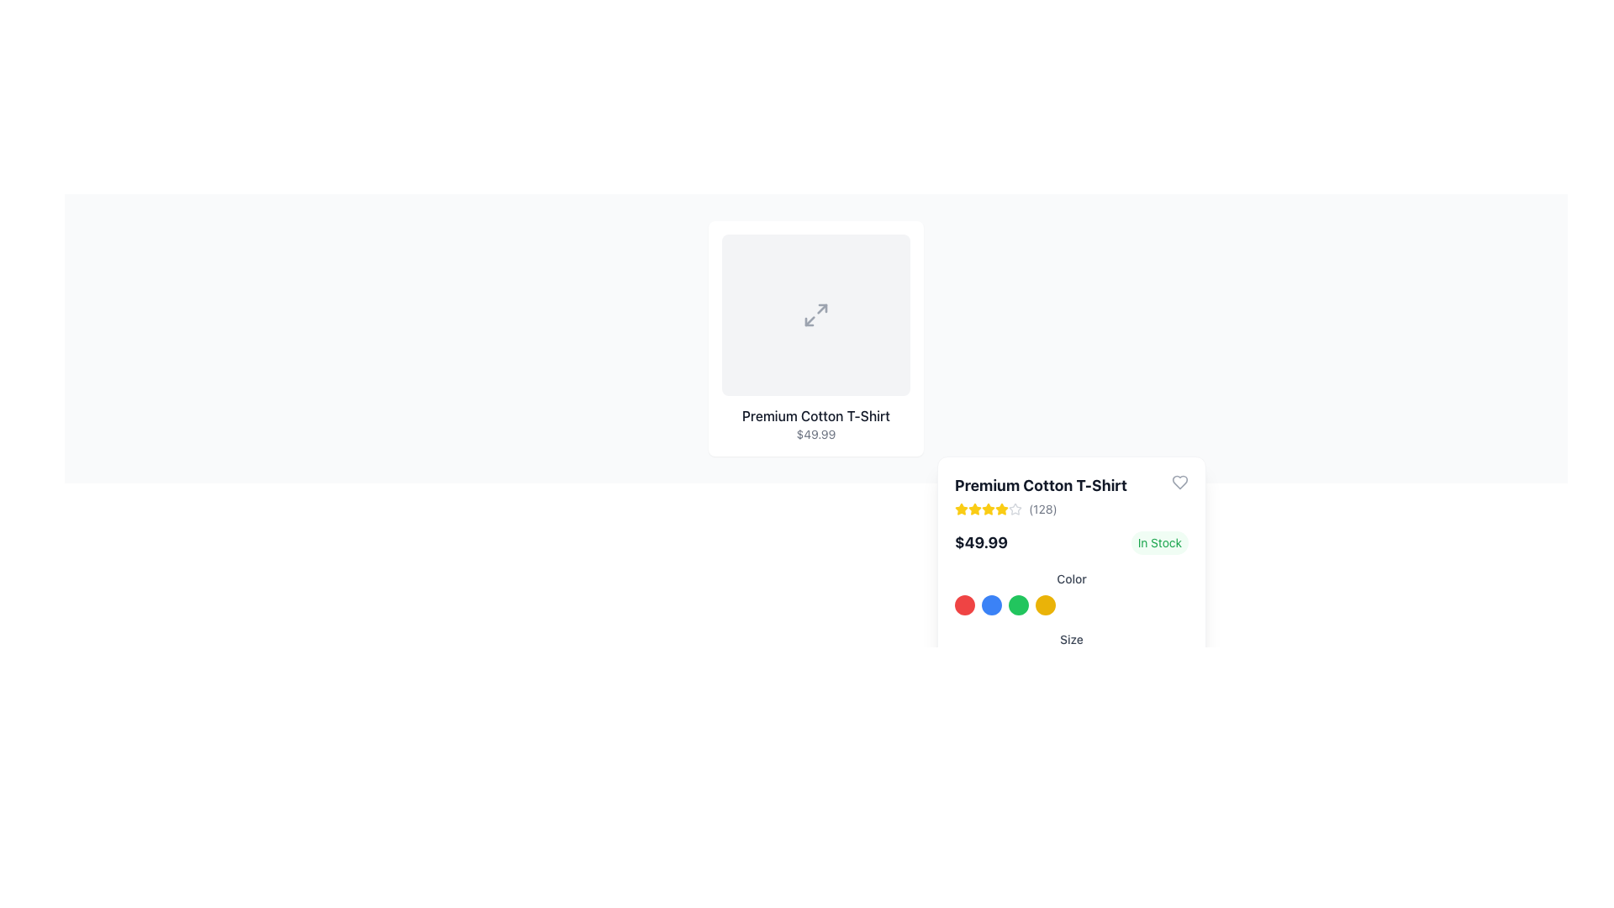 Image resolution: width=1614 pixels, height=908 pixels. I want to click on information displayed in the text label that represents the number of ratings or reviews, located to the right of the star rating symbols, so click(1042, 508).